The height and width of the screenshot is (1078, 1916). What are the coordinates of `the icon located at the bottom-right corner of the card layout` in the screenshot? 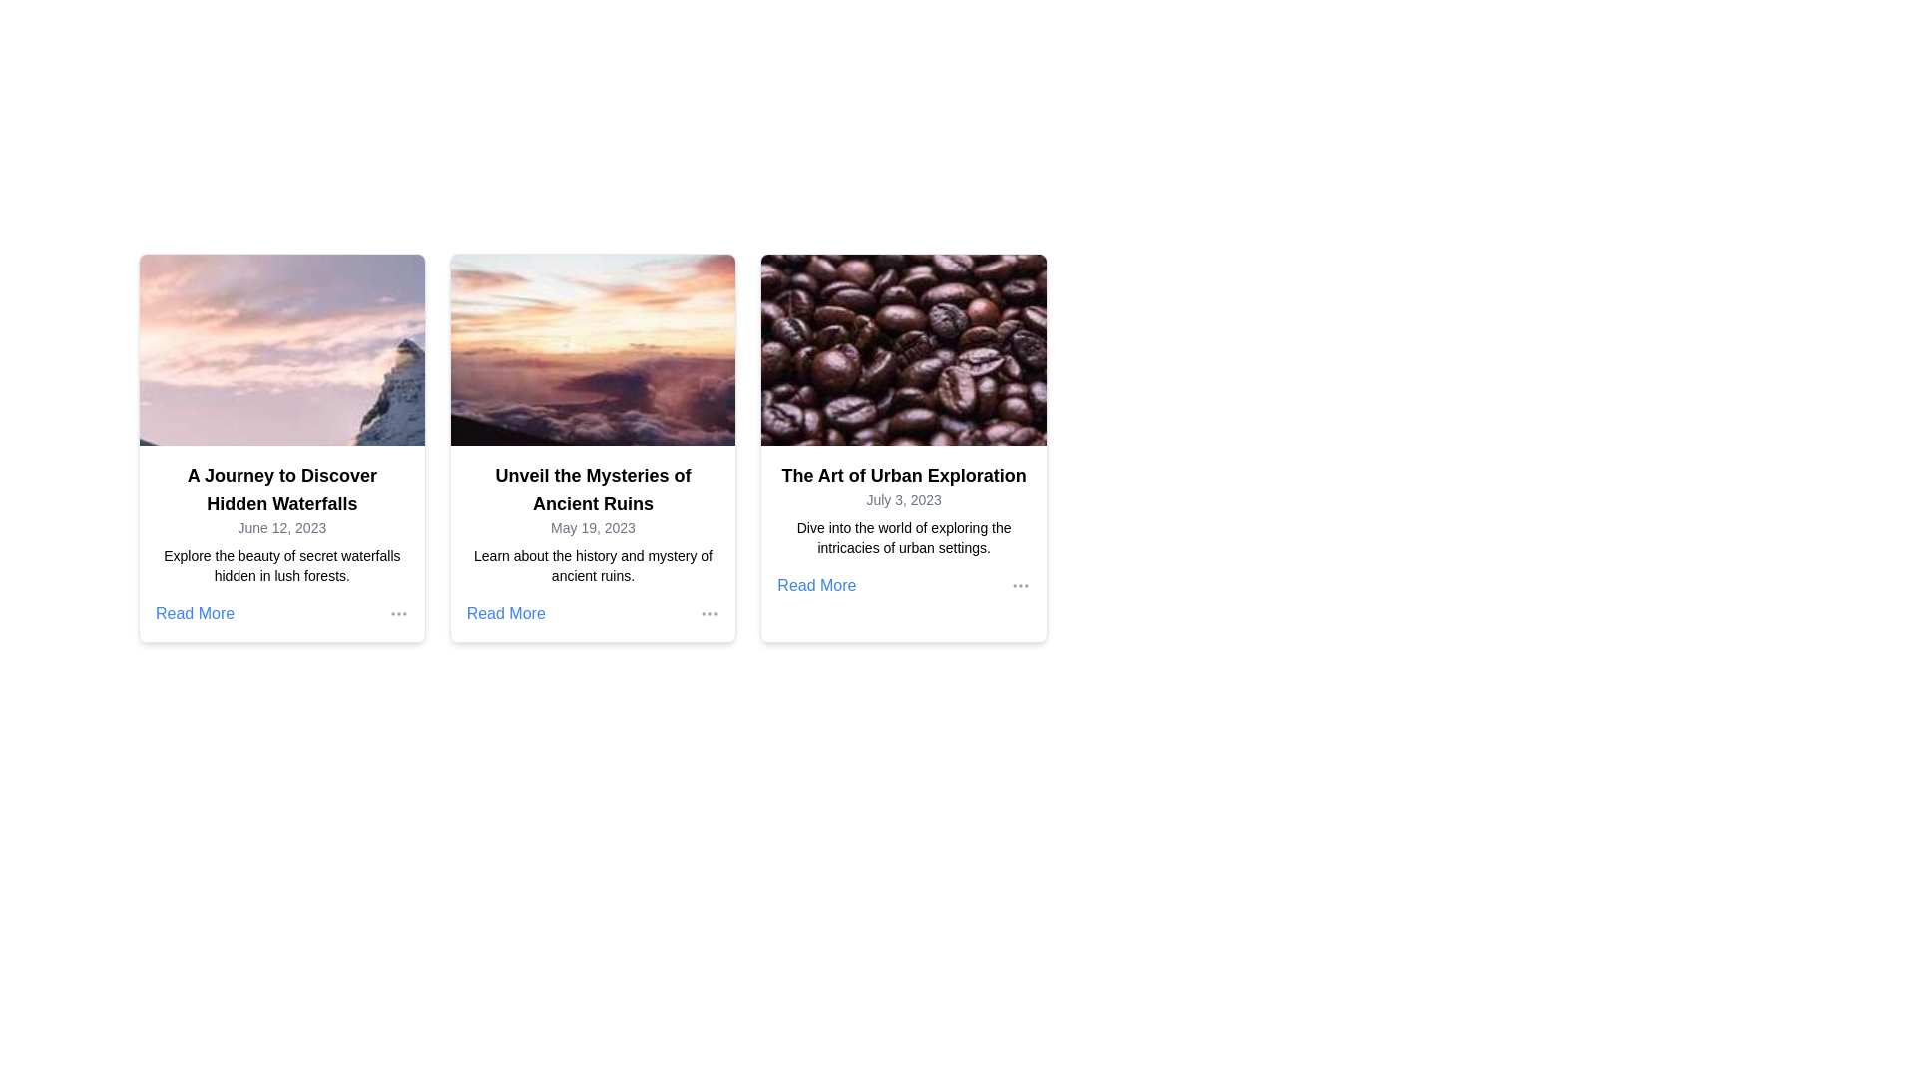 It's located at (710, 612).